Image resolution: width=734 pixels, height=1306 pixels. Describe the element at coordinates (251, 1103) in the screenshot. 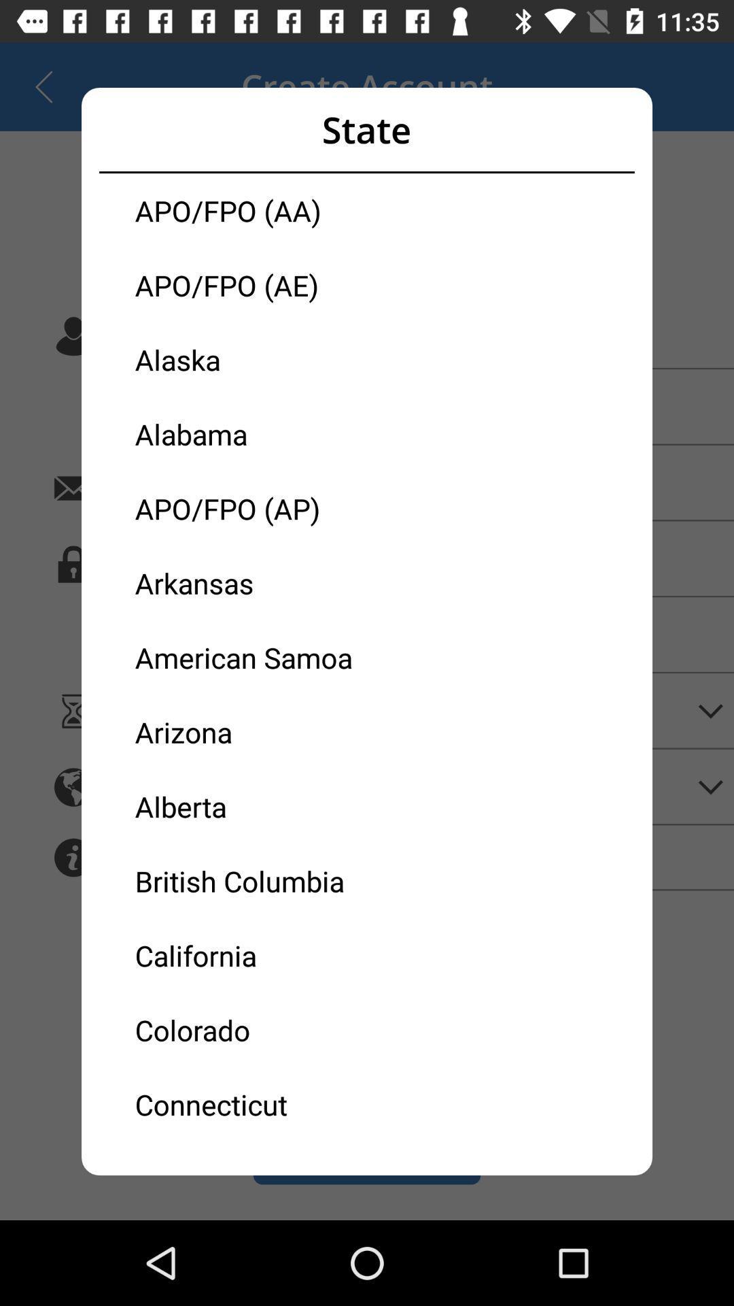

I see `icon below the colorado icon` at that location.